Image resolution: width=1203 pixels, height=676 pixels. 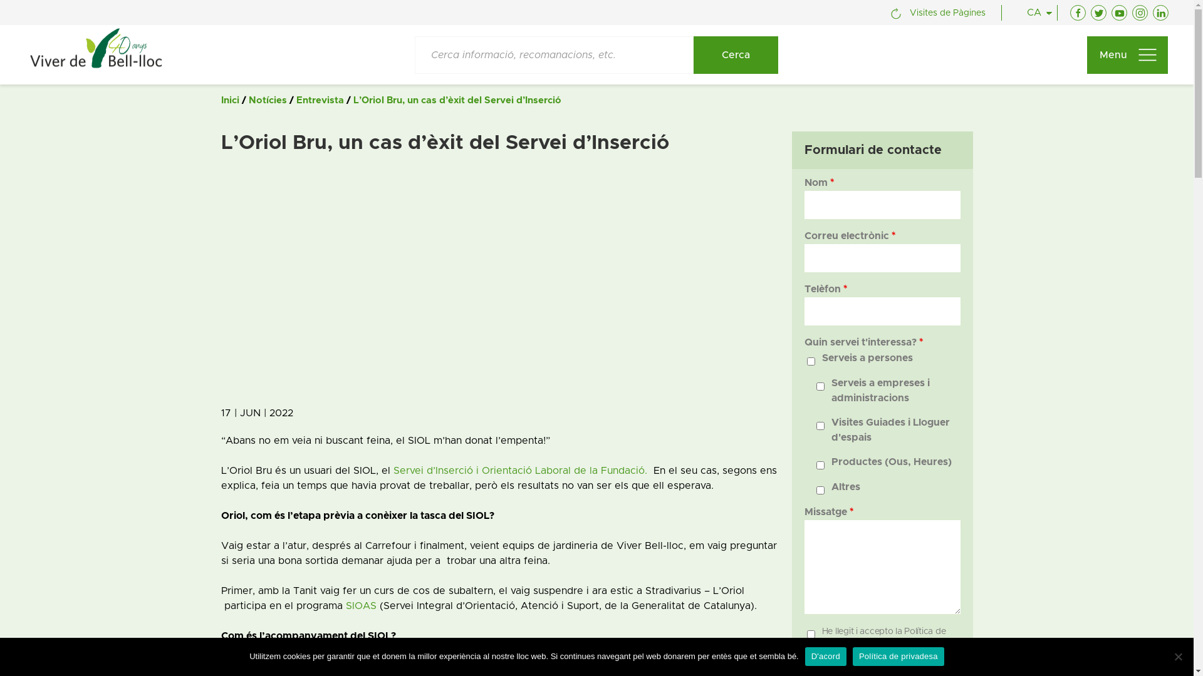 I want to click on 'Instagram', so click(x=1140, y=13).